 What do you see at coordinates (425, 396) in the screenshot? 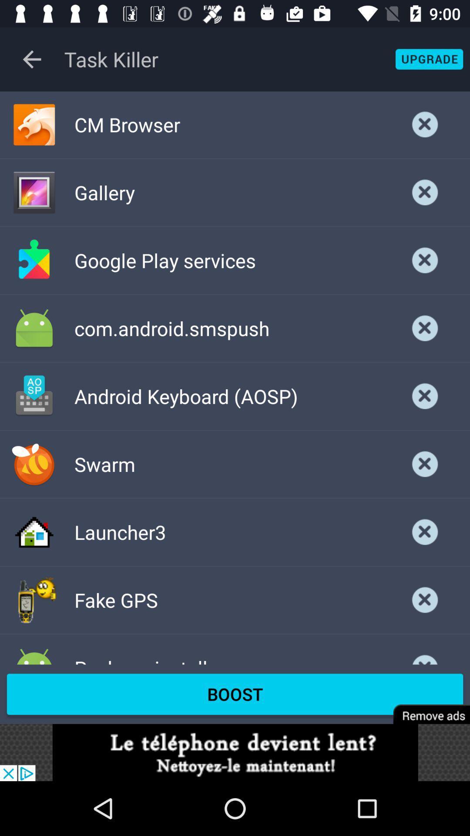
I see `task` at bounding box center [425, 396].